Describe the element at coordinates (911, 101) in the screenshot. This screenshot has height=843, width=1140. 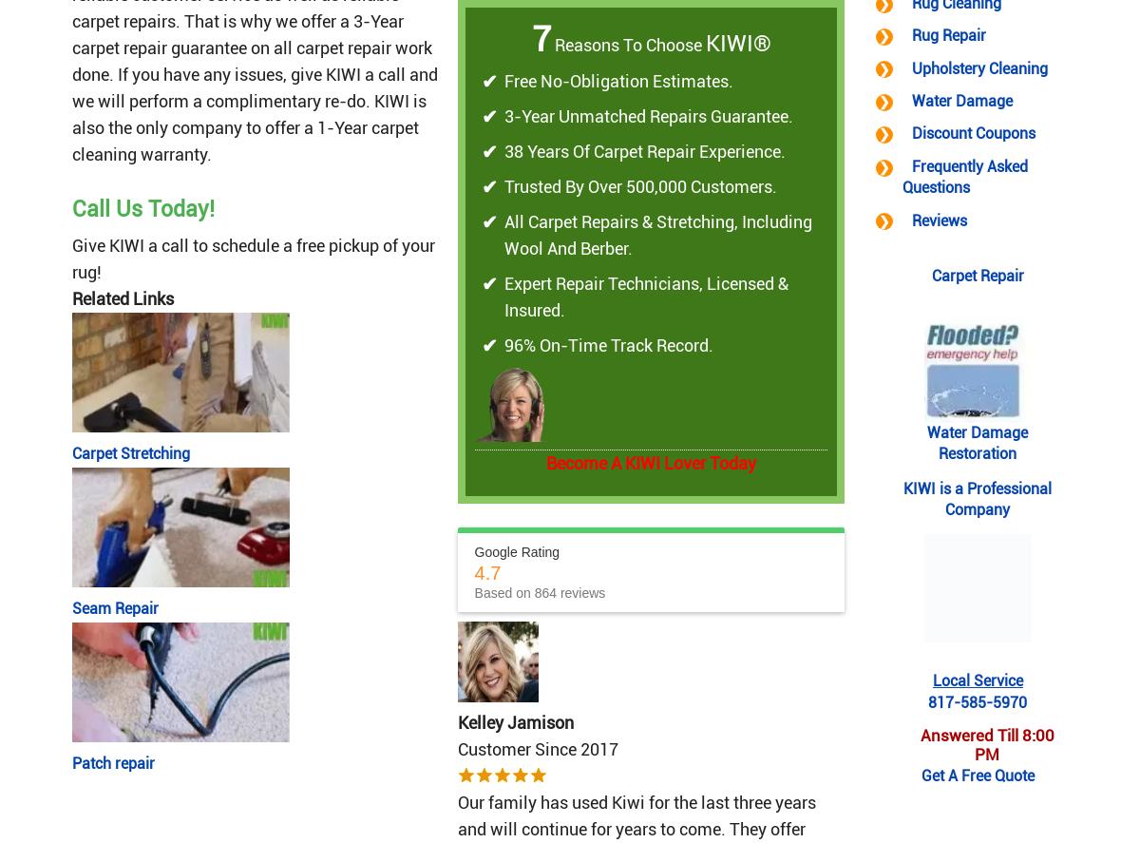
I see `'Water Damage'` at that location.